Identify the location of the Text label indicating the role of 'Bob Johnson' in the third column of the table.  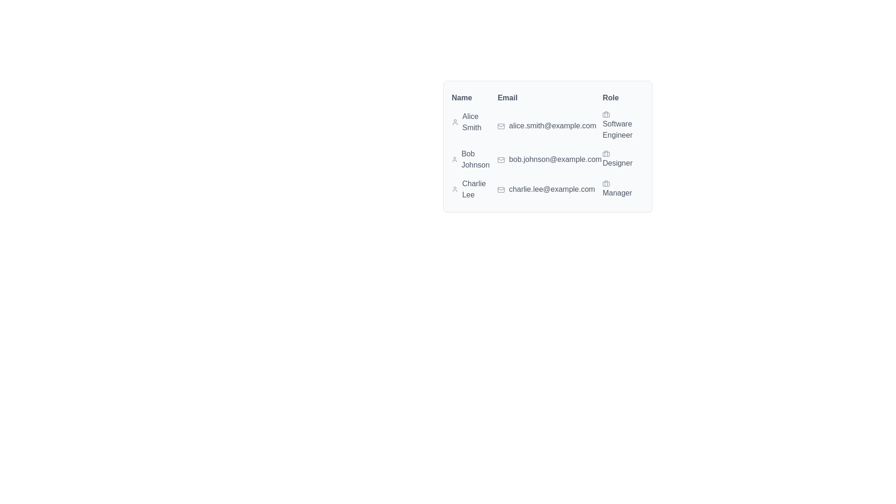
(623, 159).